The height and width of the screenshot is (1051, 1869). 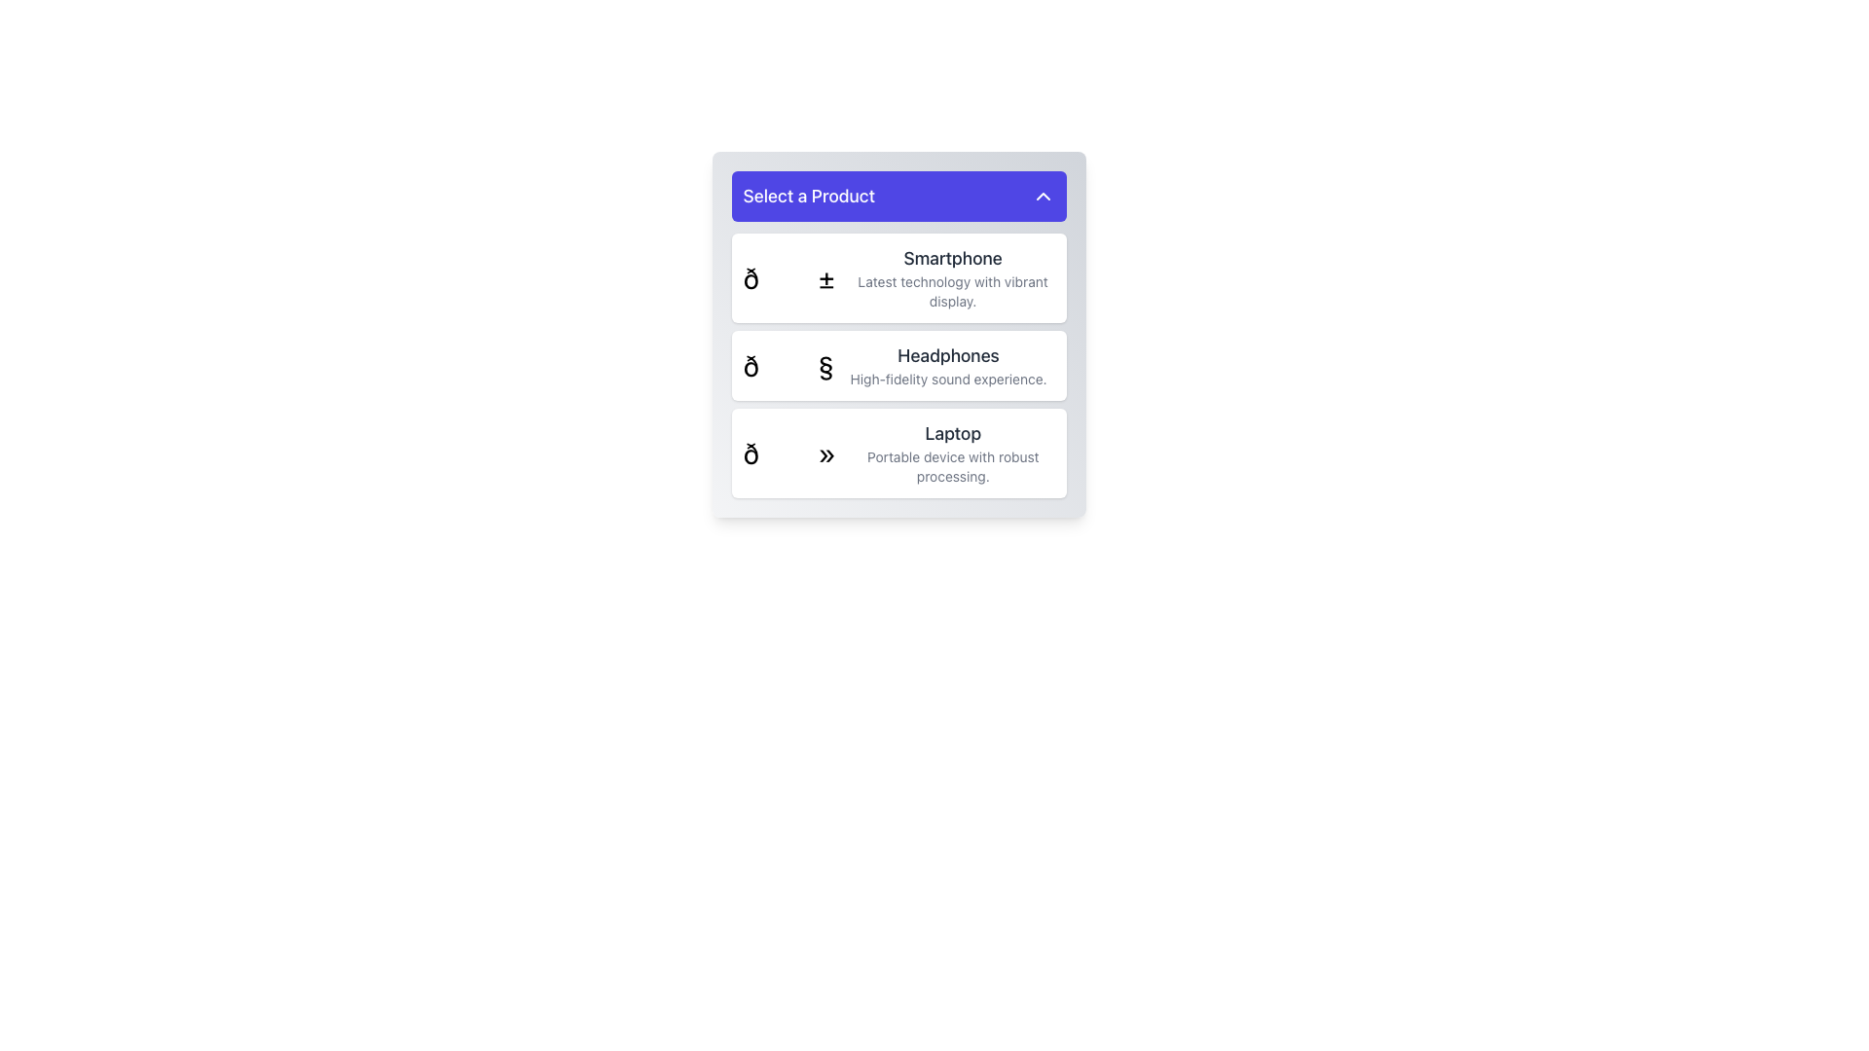 I want to click on the text label that contains 'Latest technology with vibrant display.' which is styled in gray and positioned below the 'Smartphone' text within the product card, so click(x=953, y=292).